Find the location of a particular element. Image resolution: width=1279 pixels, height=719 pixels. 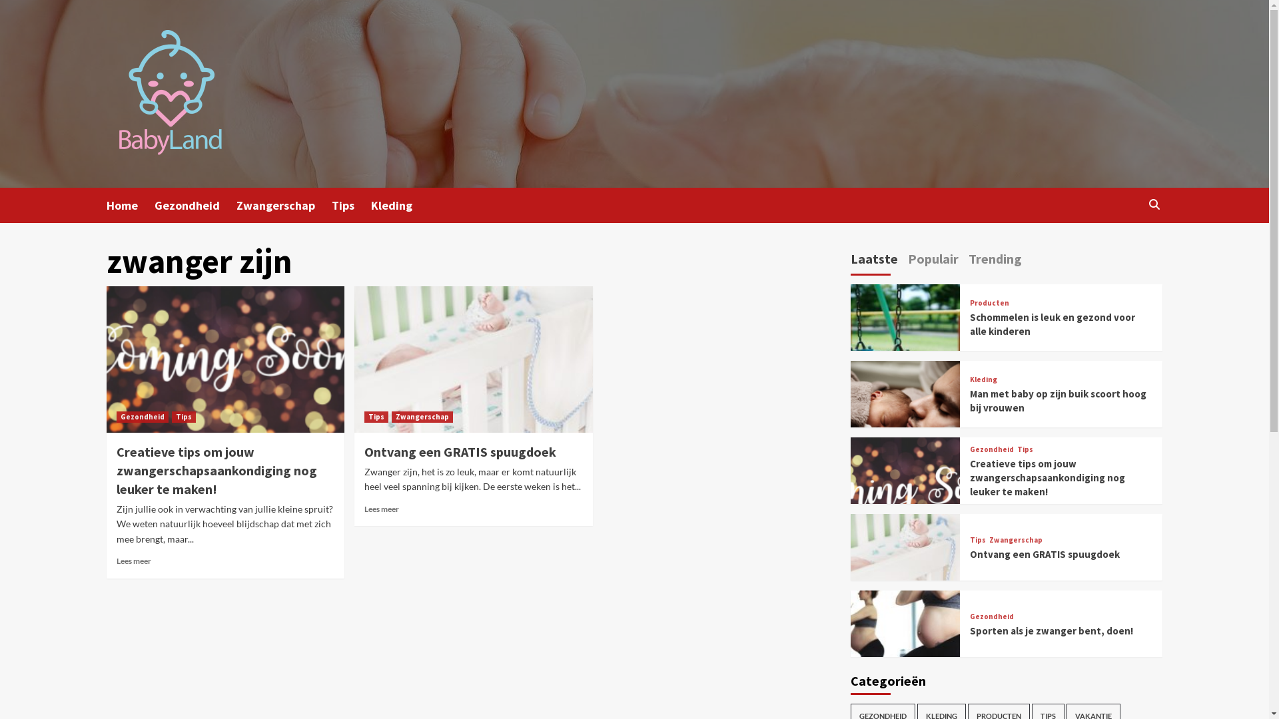

'Search' is located at coordinates (1153, 204).